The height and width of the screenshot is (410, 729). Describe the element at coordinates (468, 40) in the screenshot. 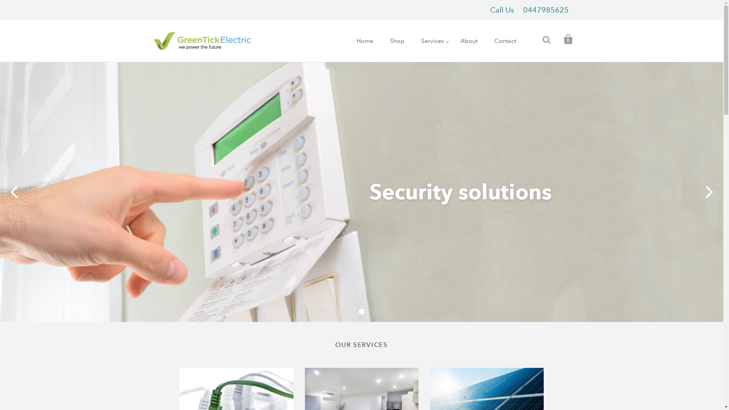

I see `'About'` at that location.